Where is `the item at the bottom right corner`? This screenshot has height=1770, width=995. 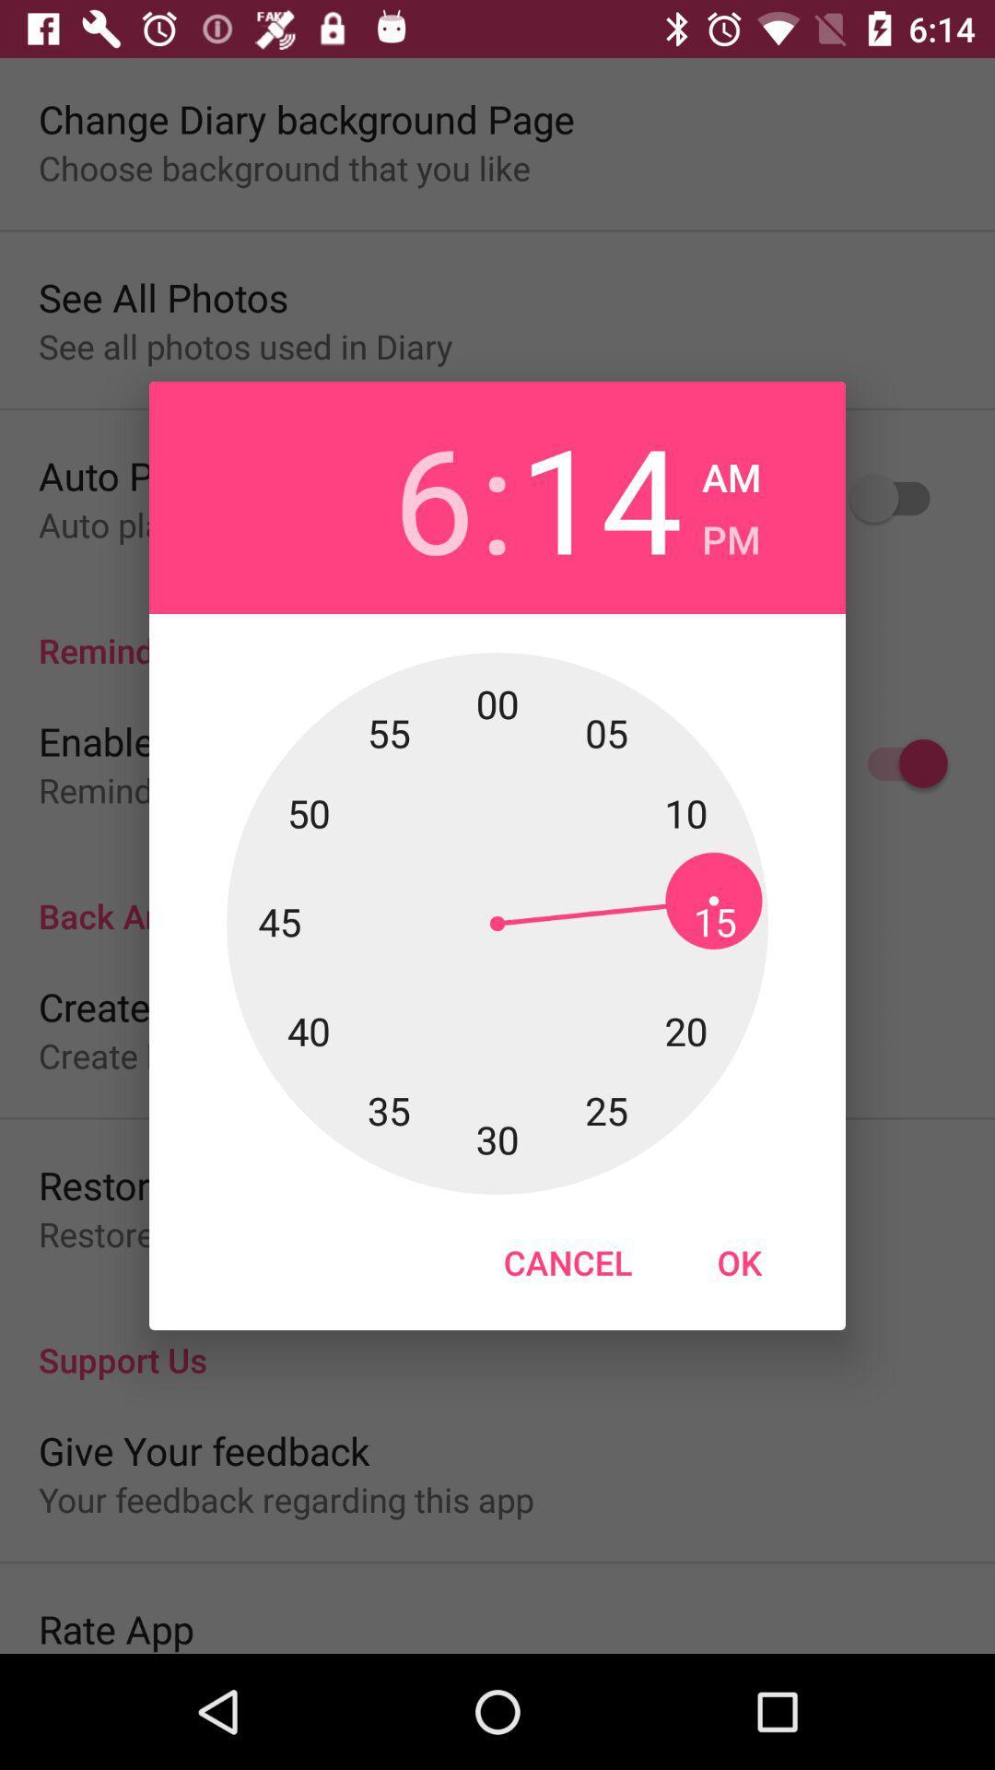
the item at the bottom right corner is located at coordinates (738, 1261).